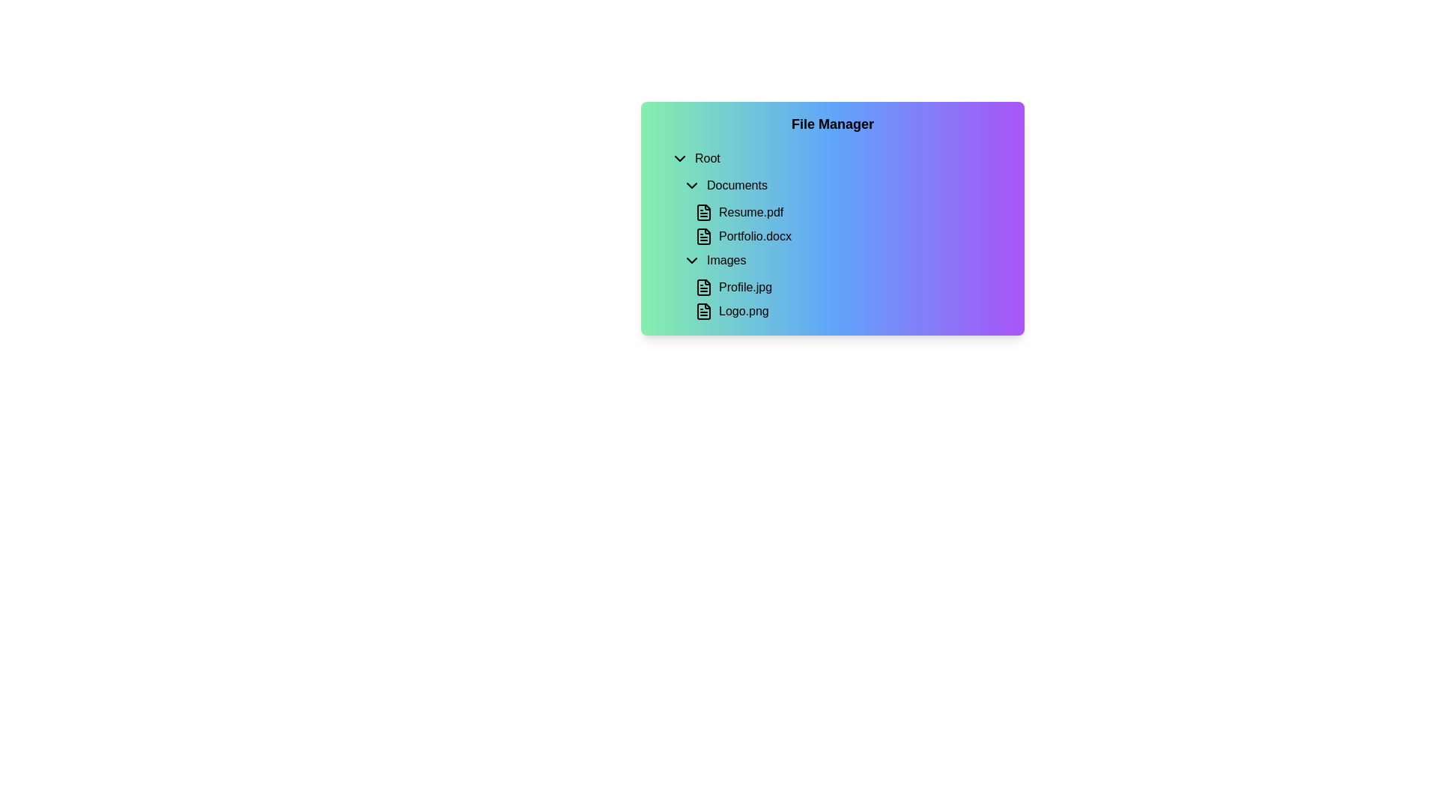 The image size is (1438, 809). Describe the element at coordinates (851, 288) in the screenshot. I see `the file entry item named 'Profile.jpg'` at that location.